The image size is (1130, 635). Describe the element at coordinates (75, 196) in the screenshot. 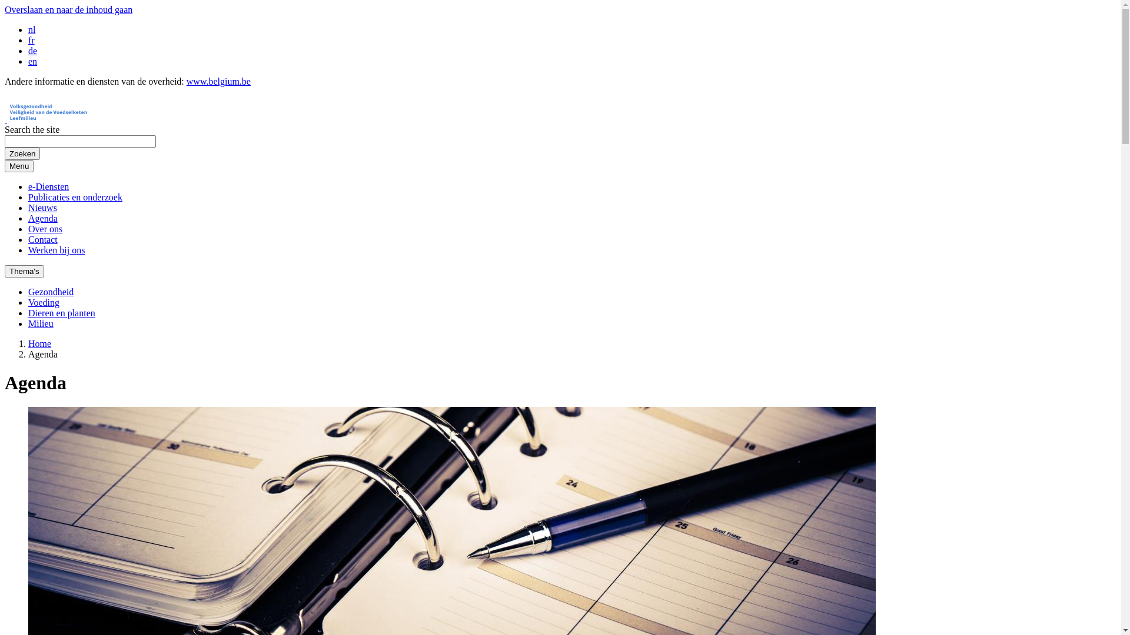

I see `'Publicaties en onderzoek'` at that location.